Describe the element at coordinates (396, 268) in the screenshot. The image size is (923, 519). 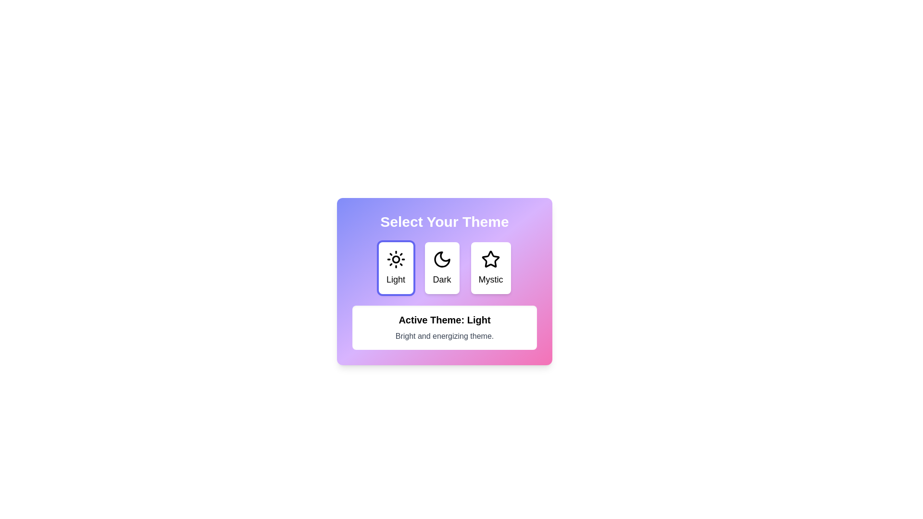
I see `the button labeled Light to observe its hover effect` at that location.